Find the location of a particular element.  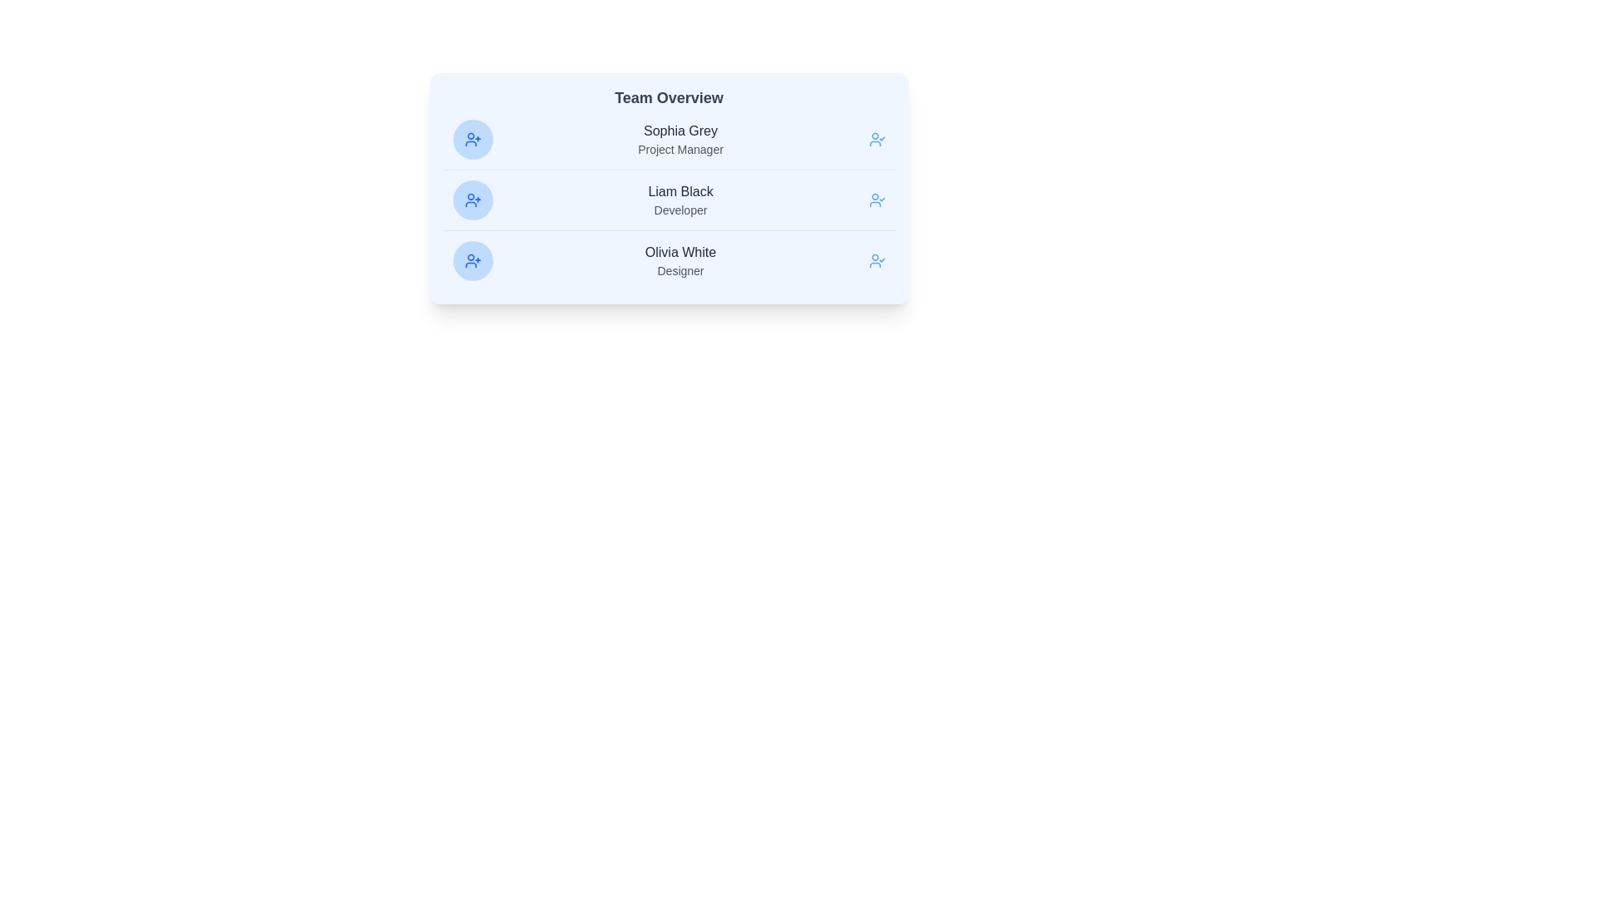

the text label indicating the job title 'Designer' of Olivia White, located in the third row beneath 'Olivia White' in the Team Overview section is located at coordinates (680, 270).